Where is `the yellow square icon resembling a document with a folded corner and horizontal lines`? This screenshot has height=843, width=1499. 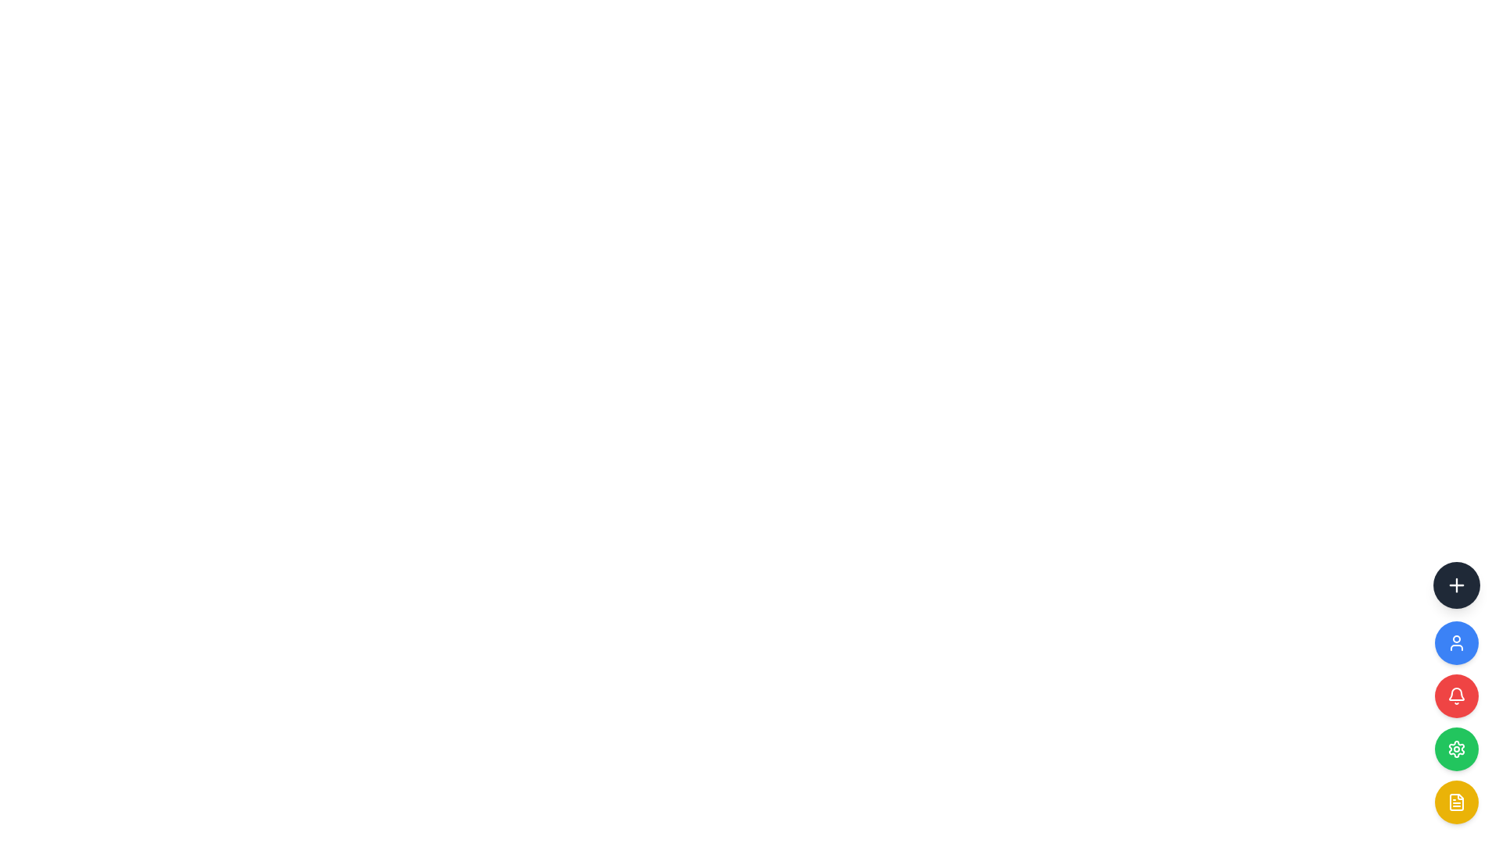 the yellow square icon resembling a document with a folded corner and horizontal lines is located at coordinates (1456, 802).